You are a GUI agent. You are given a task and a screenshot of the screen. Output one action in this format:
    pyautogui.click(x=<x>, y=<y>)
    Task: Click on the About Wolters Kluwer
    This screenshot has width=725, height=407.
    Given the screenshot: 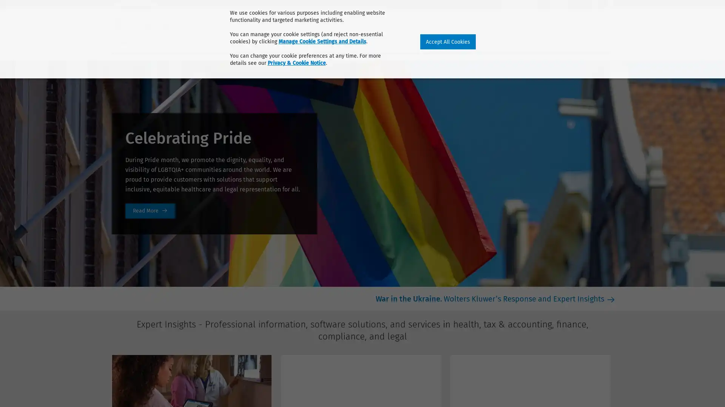 What is the action you would take?
    pyautogui.click(x=141, y=4)
    